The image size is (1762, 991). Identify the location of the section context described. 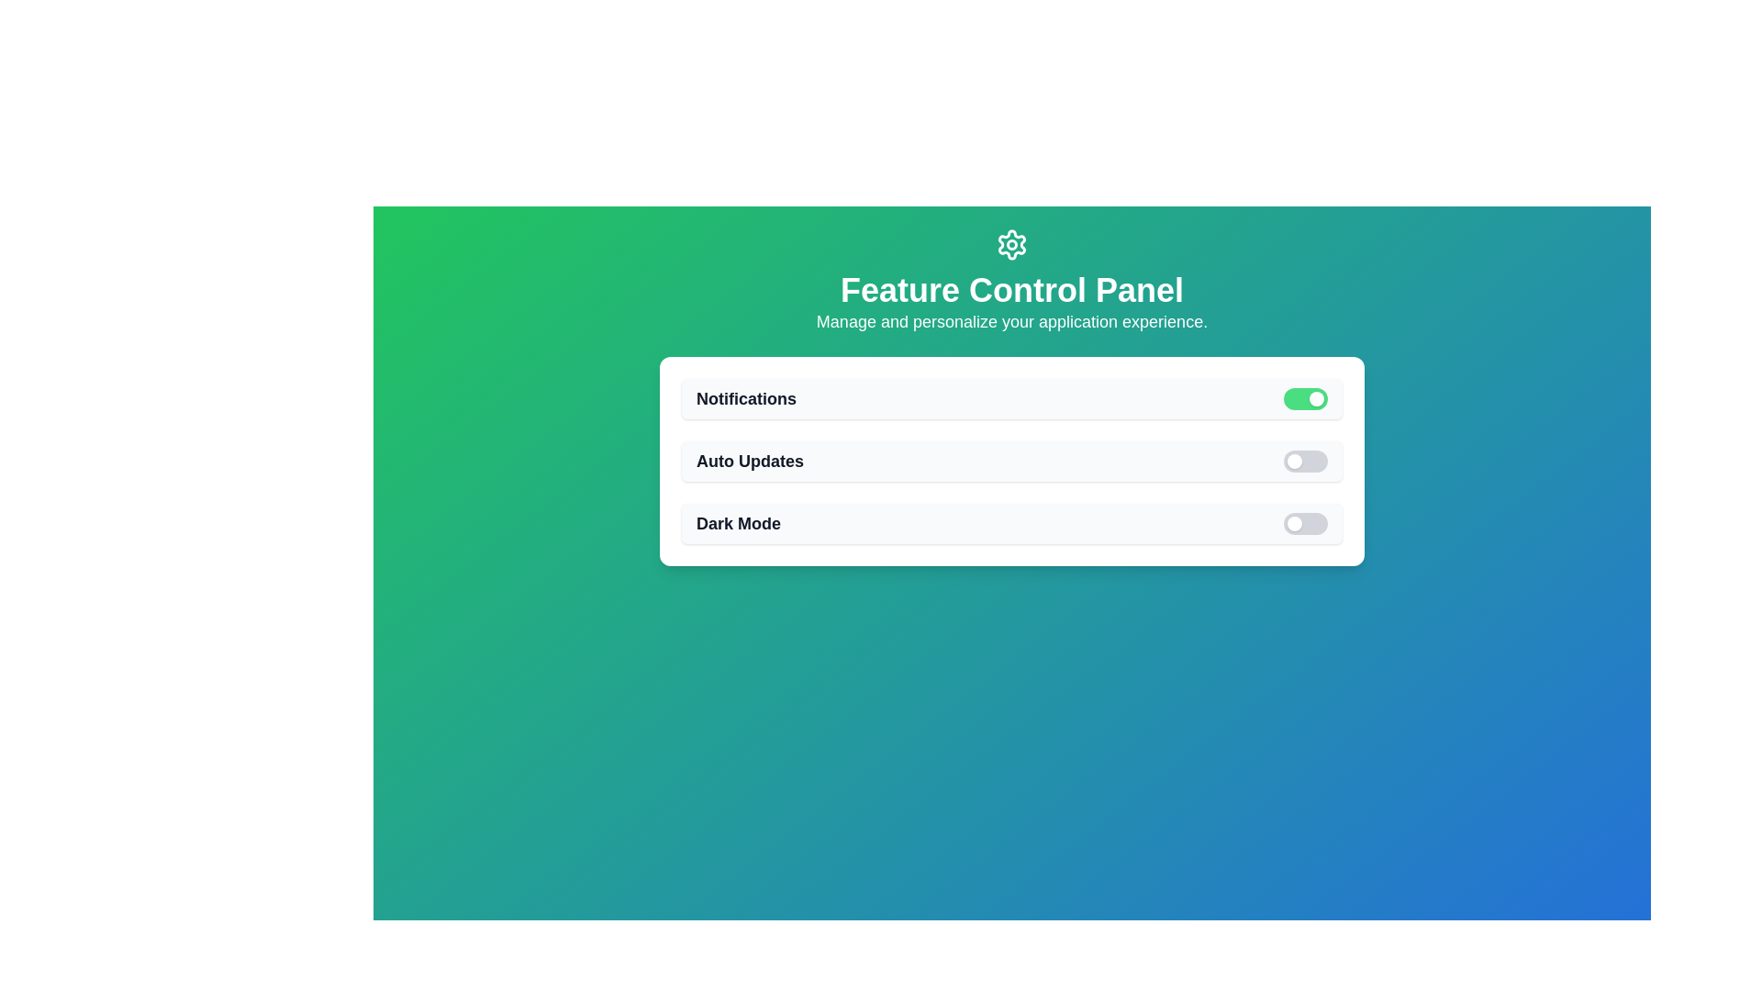
(1011, 289).